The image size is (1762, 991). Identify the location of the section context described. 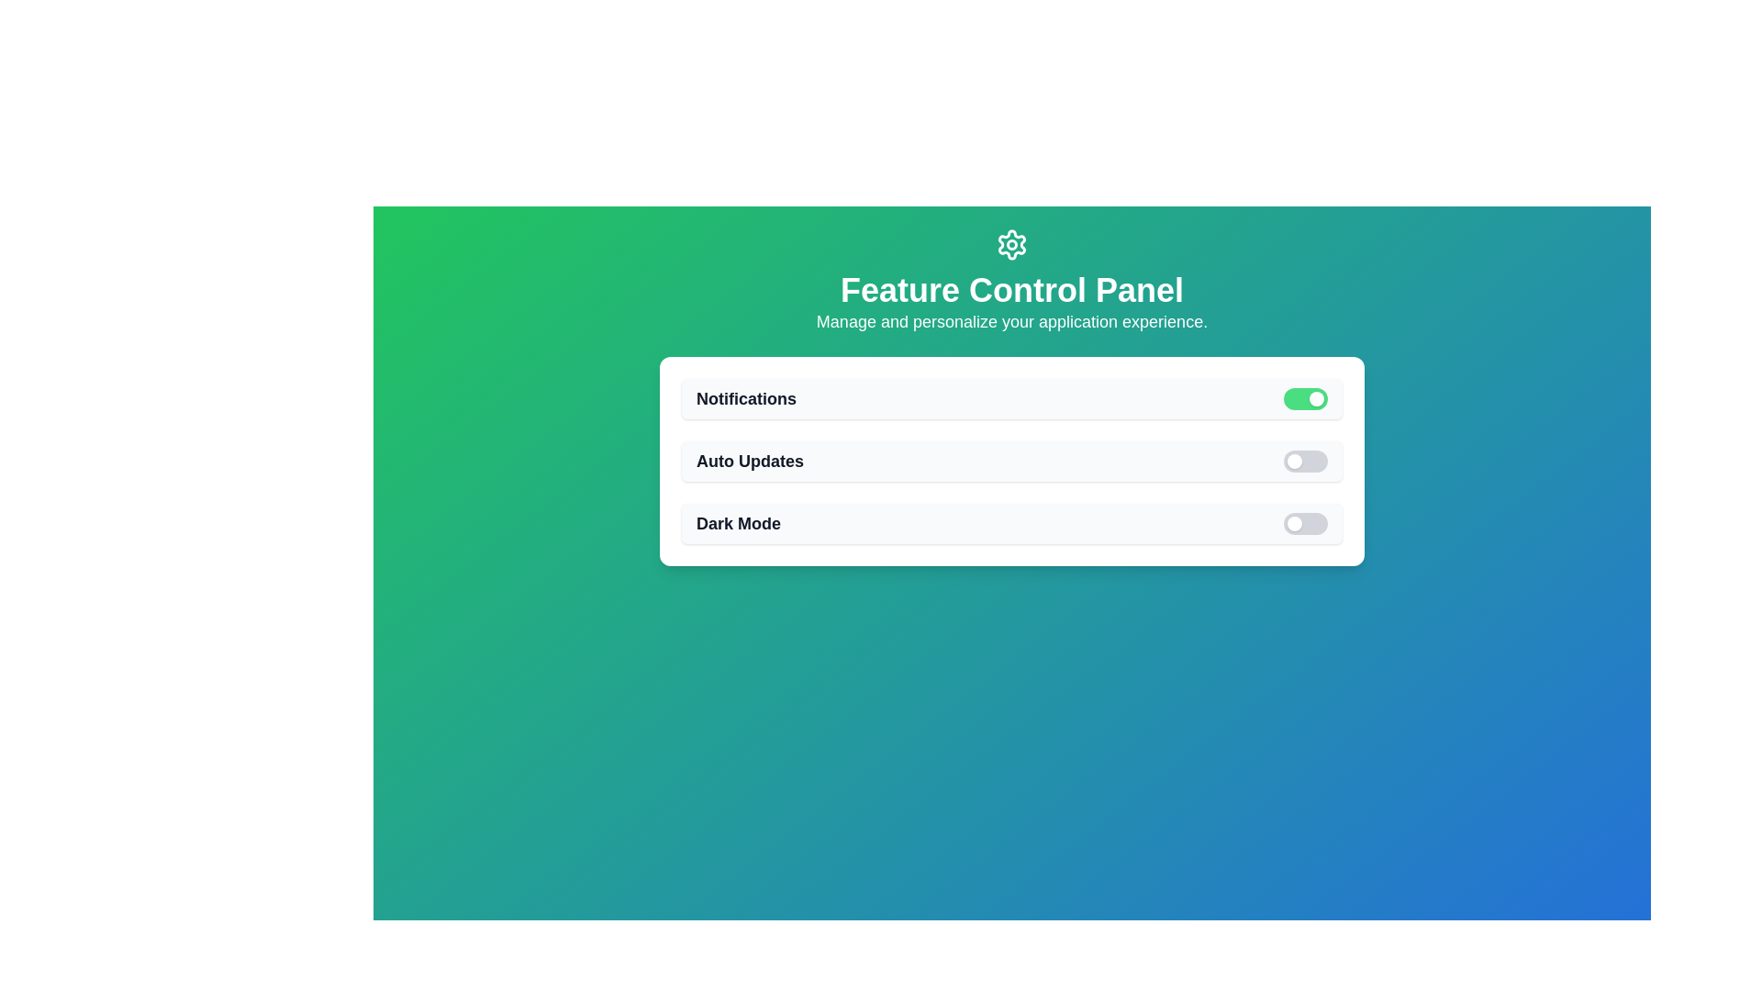
(1011, 289).